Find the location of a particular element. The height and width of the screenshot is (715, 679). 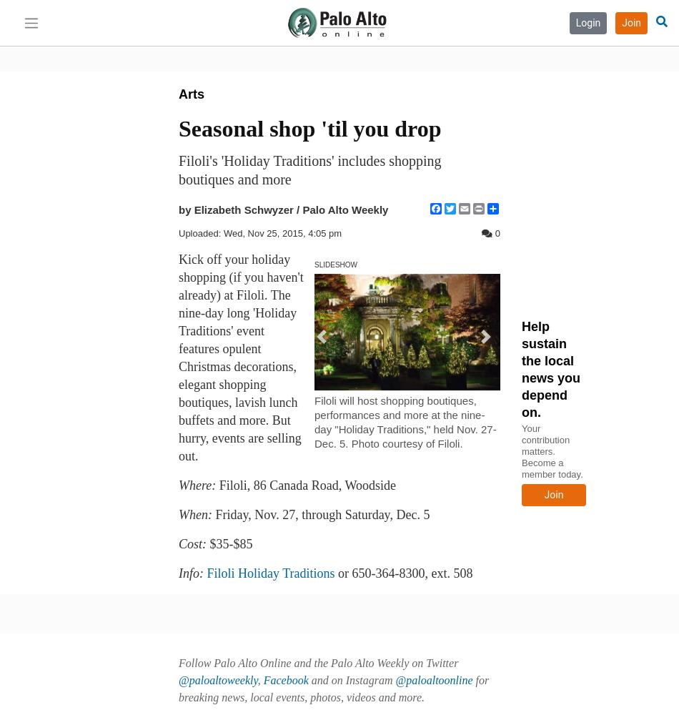

'$35-$85' is located at coordinates (205, 544).